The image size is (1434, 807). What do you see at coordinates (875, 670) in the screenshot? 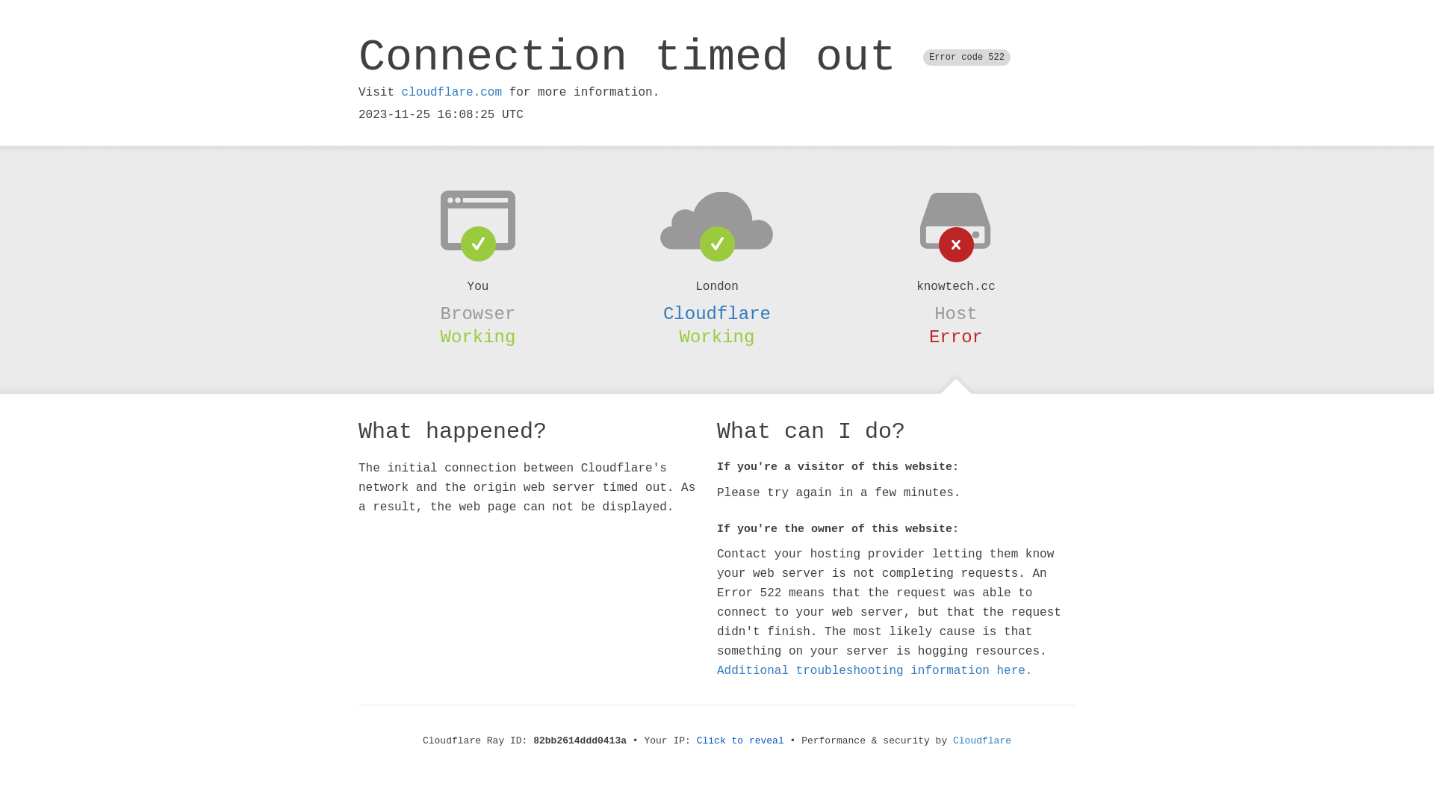
I see `'Additional troubleshooting information here.'` at bounding box center [875, 670].